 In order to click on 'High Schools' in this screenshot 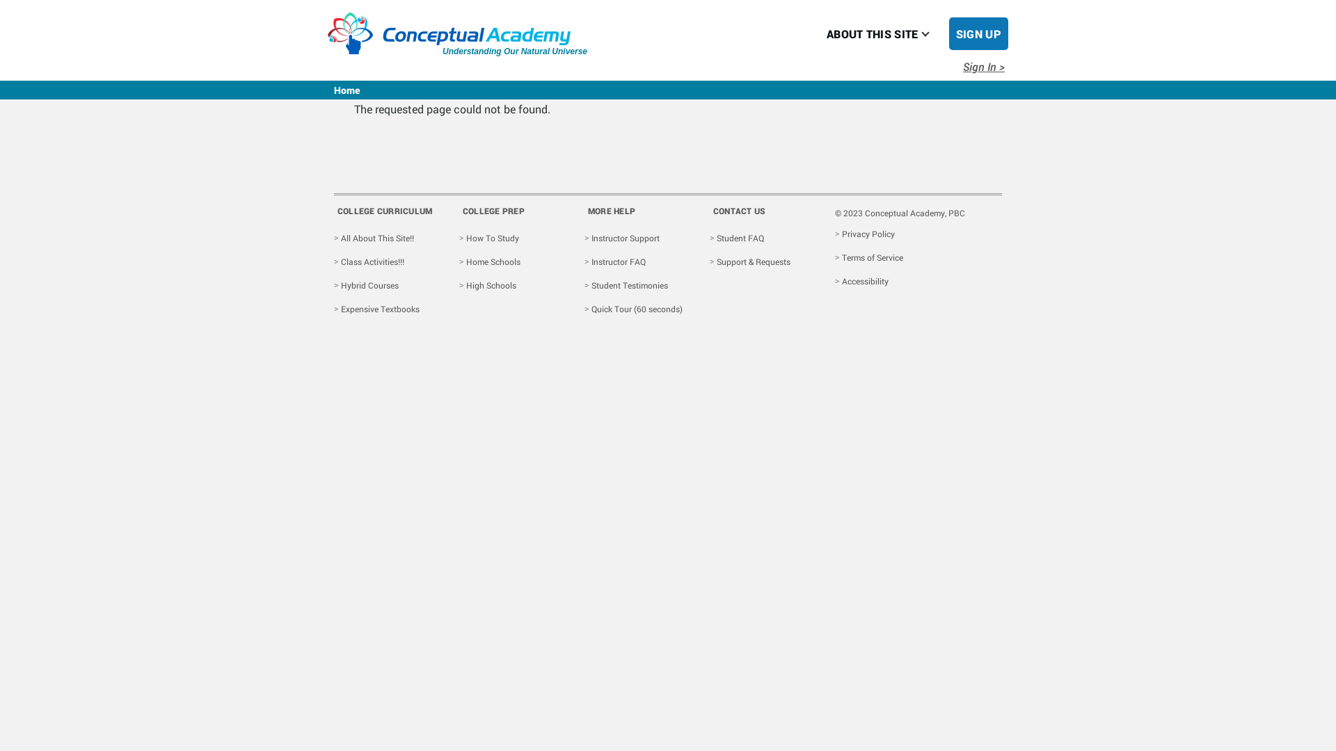, I will do `click(491, 284)`.